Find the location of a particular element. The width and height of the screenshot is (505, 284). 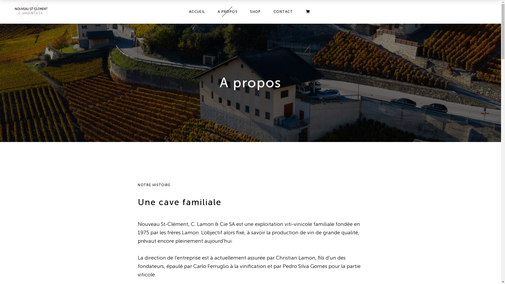

'A PROPOS' is located at coordinates (211, 12).